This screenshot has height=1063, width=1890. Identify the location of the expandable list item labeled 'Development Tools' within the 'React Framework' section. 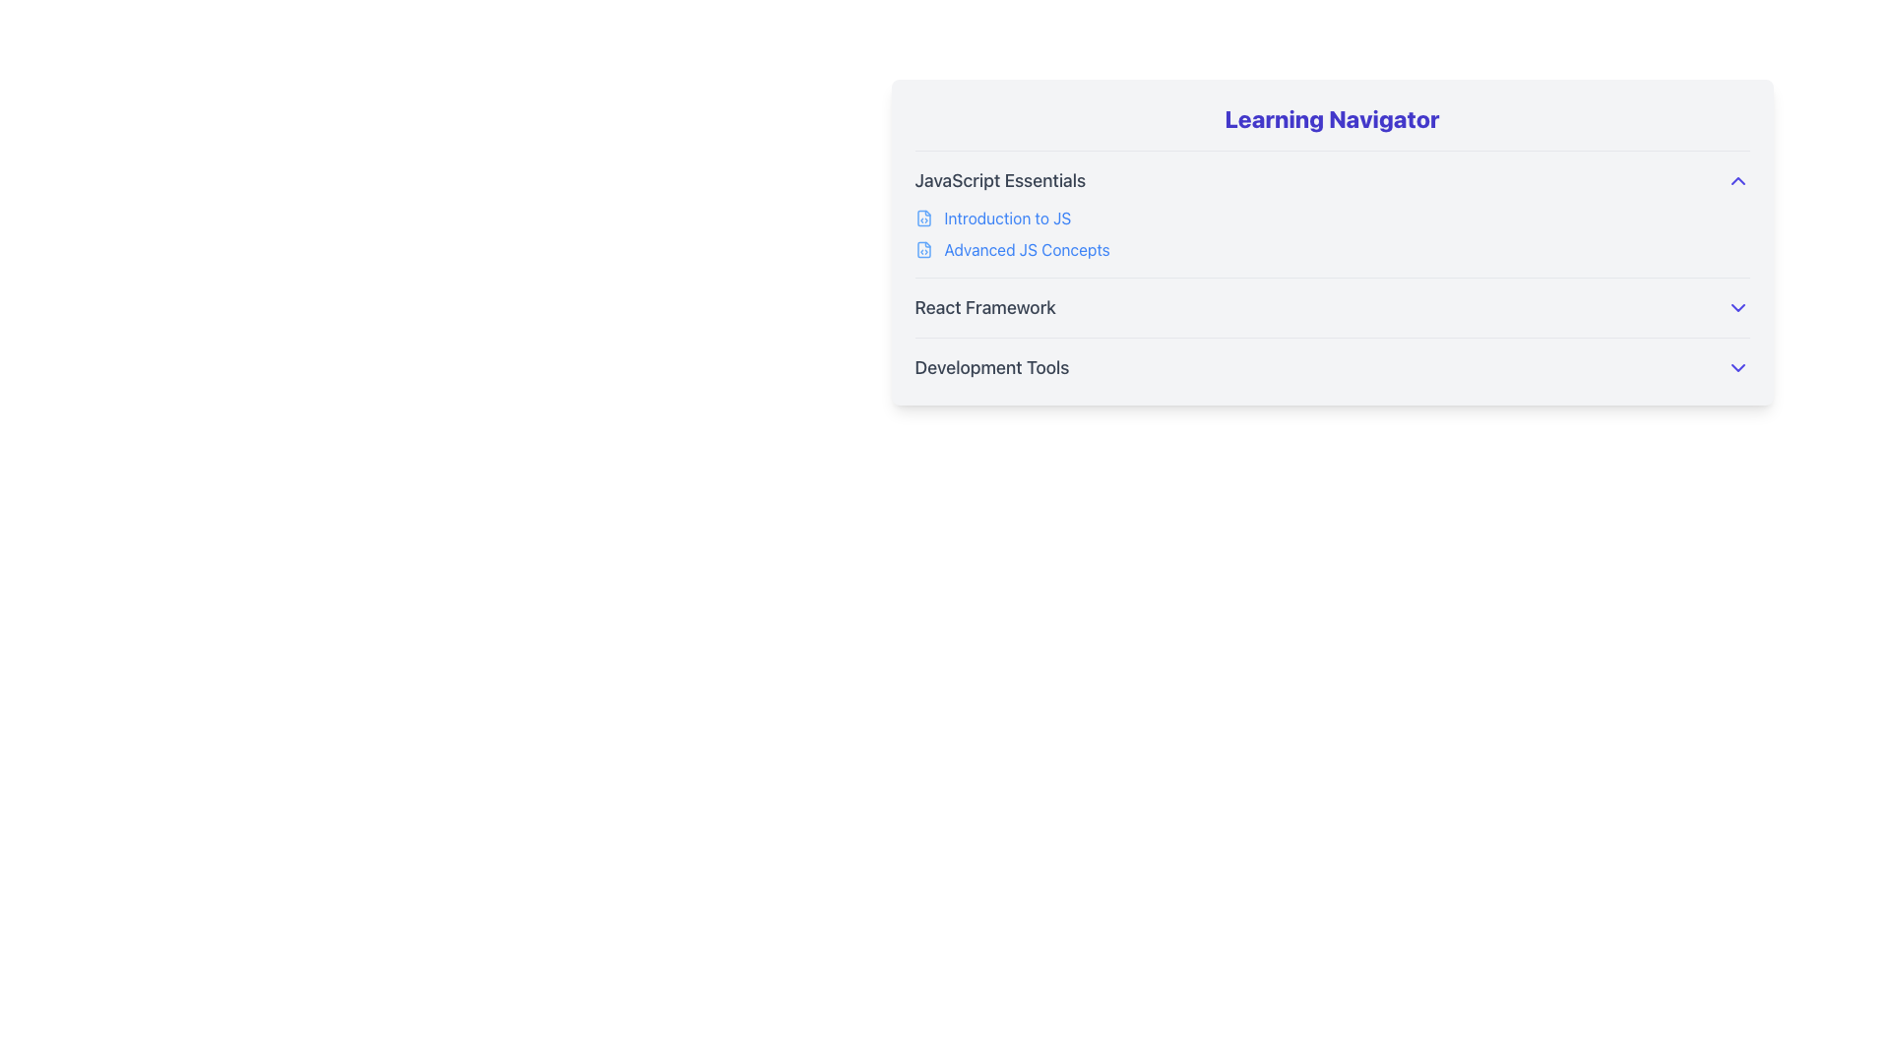
(1332, 368).